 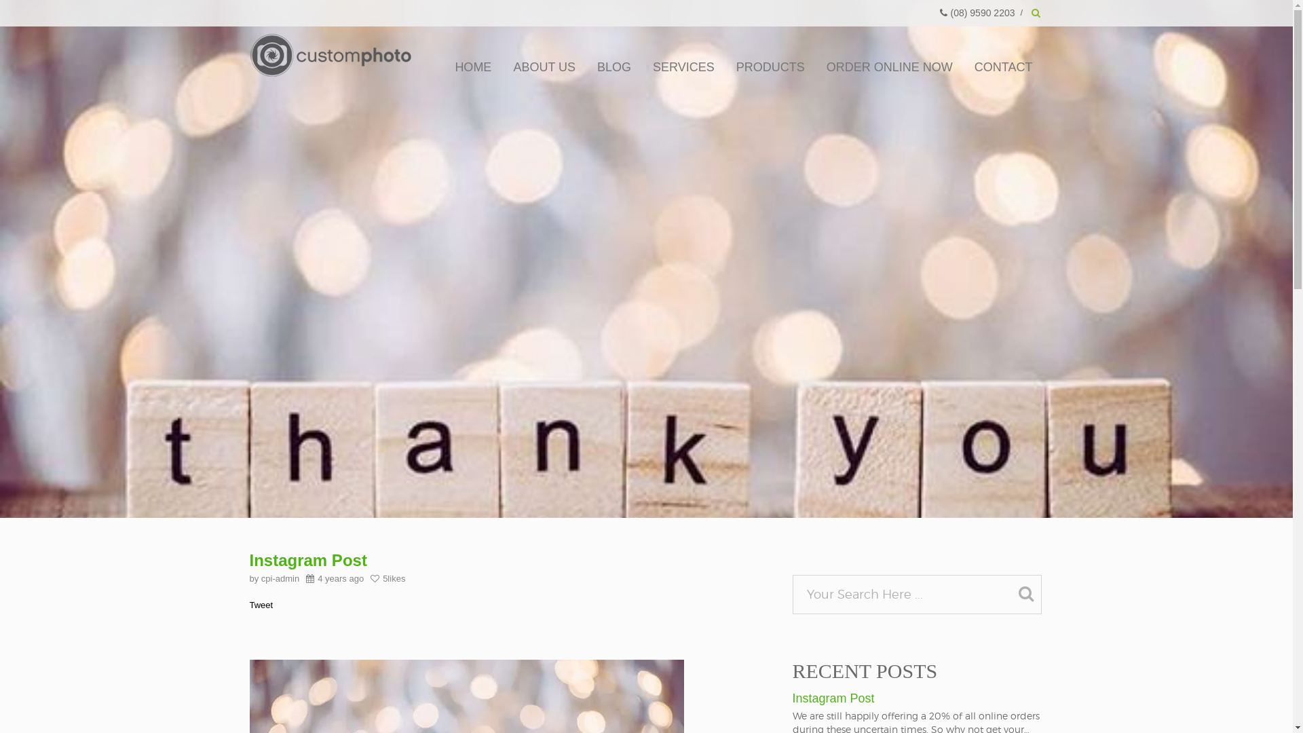 What do you see at coordinates (613, 67) in the screenshot?
I see `'BLOG'` at bounding box center [613, 67].